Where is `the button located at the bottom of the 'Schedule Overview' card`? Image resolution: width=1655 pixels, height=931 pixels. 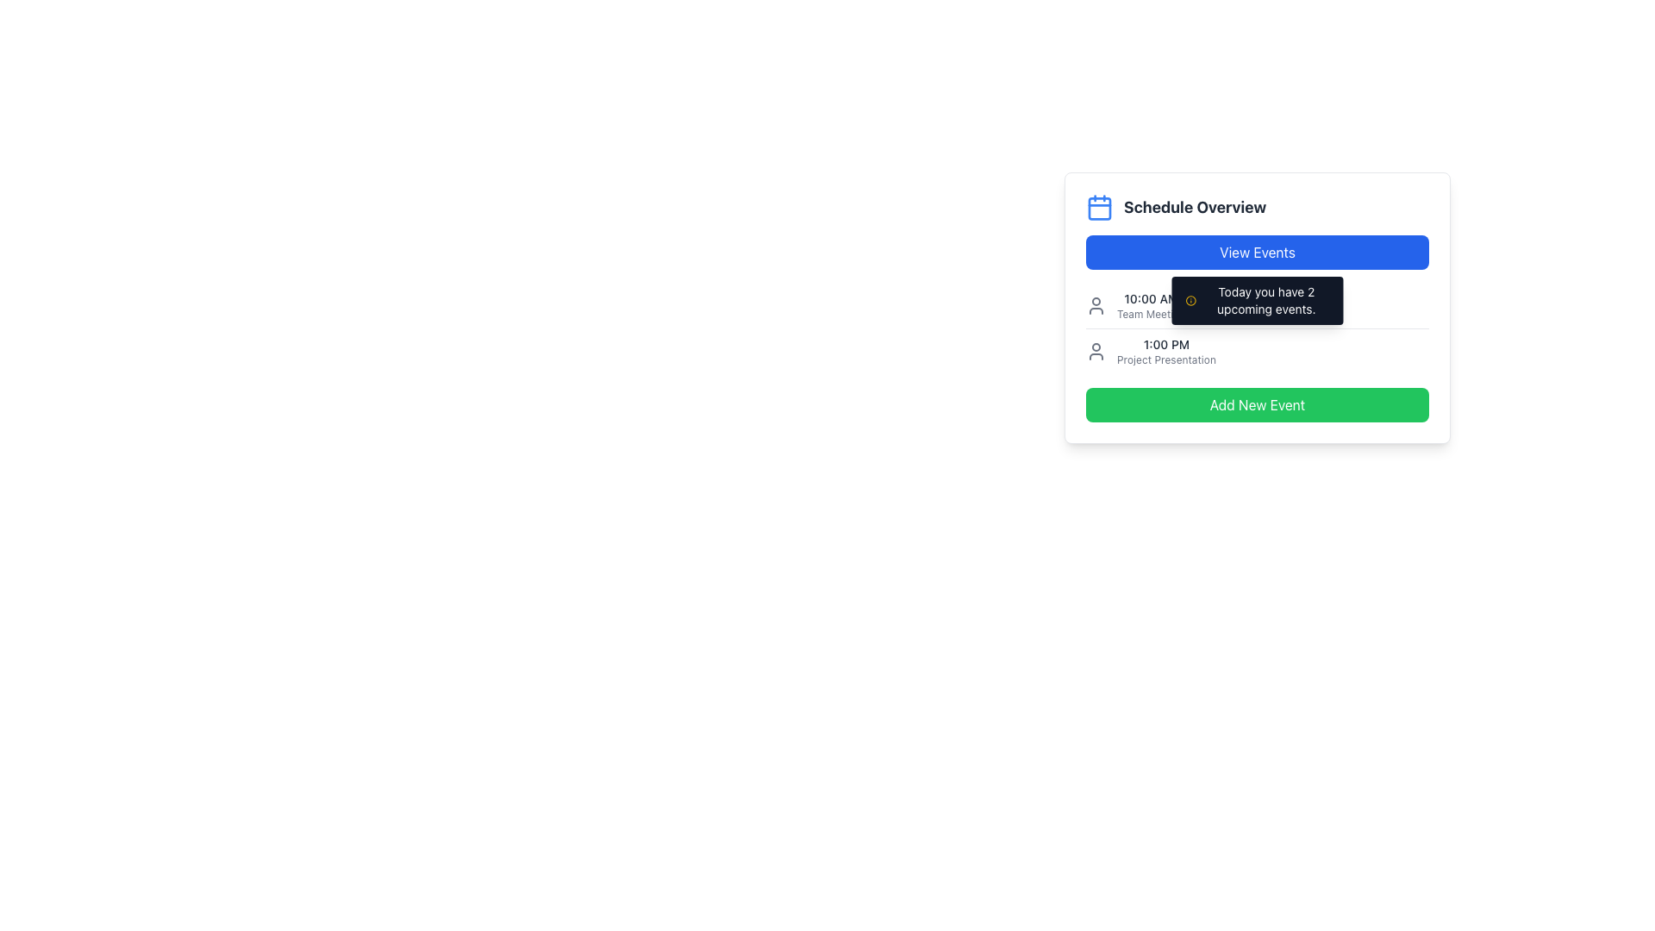
the button located at the bottom of the 'Schedule Overview' card is located at coordinates (1258, 405).